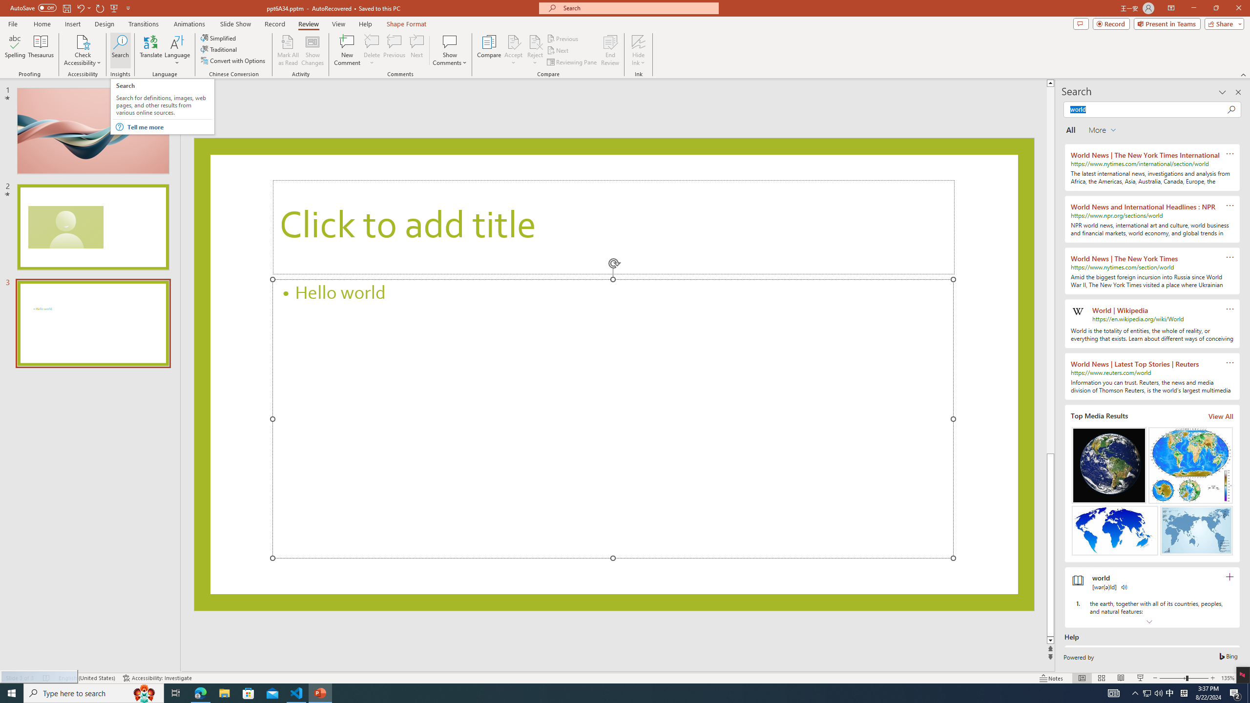 The height and width of the screenshot is (703, 1250). What do you see at coordinates (219, 48) in the screenshot?
I see `'Traditional'` at bounding box center [219, 48].